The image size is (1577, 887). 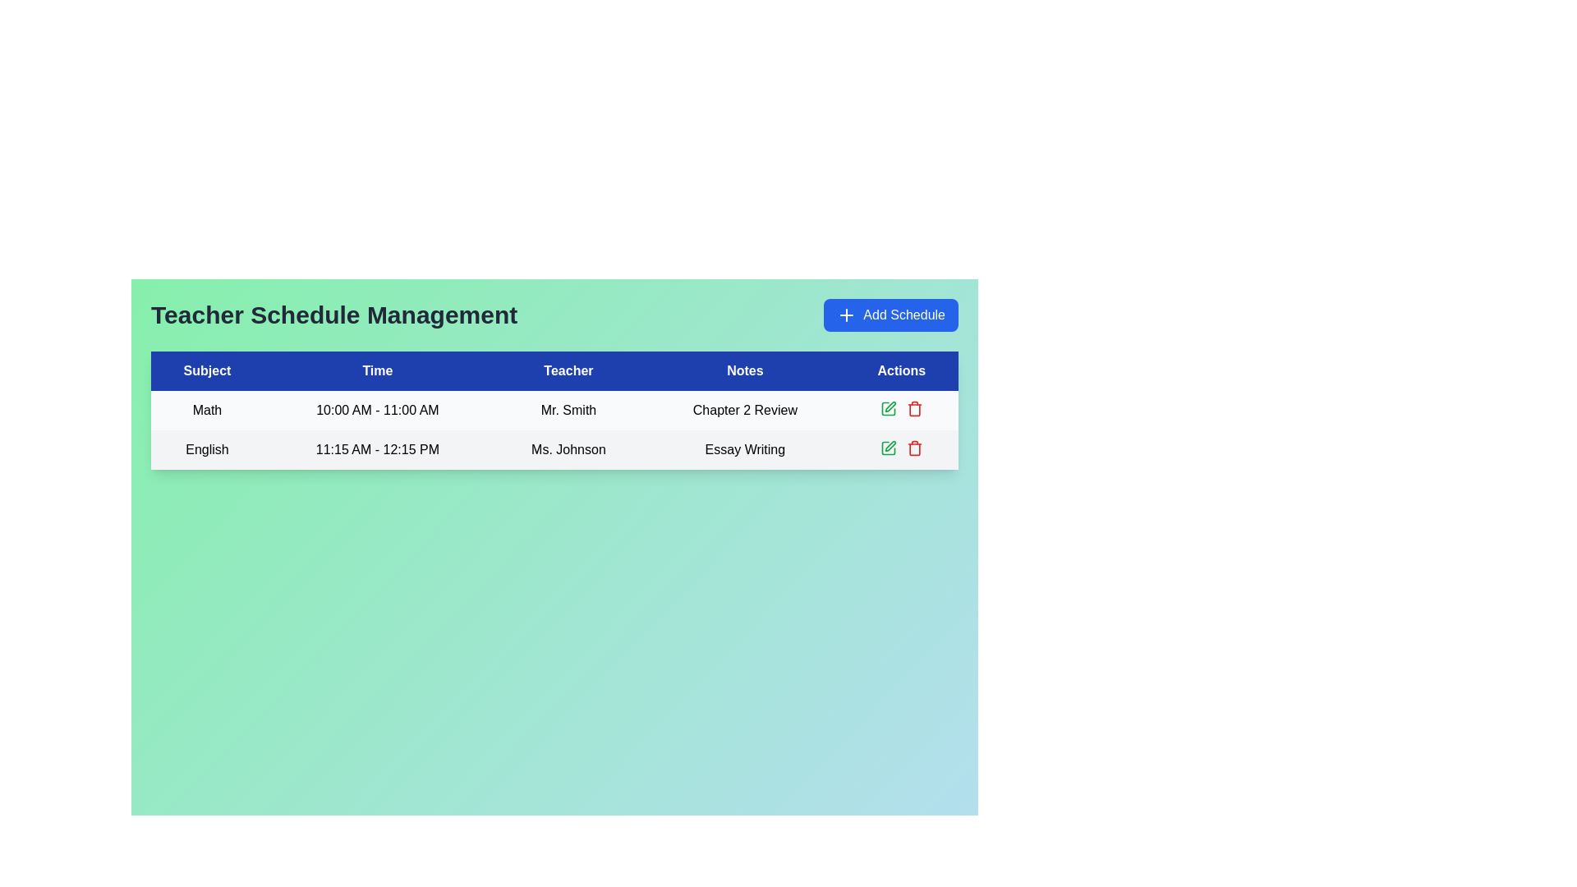 What do you see at coordinates (887, 448) in the screenshot?
I see `the green pen icon button in the 'Actions' column for the 'English' subject row` at bounding box center [887, 448].